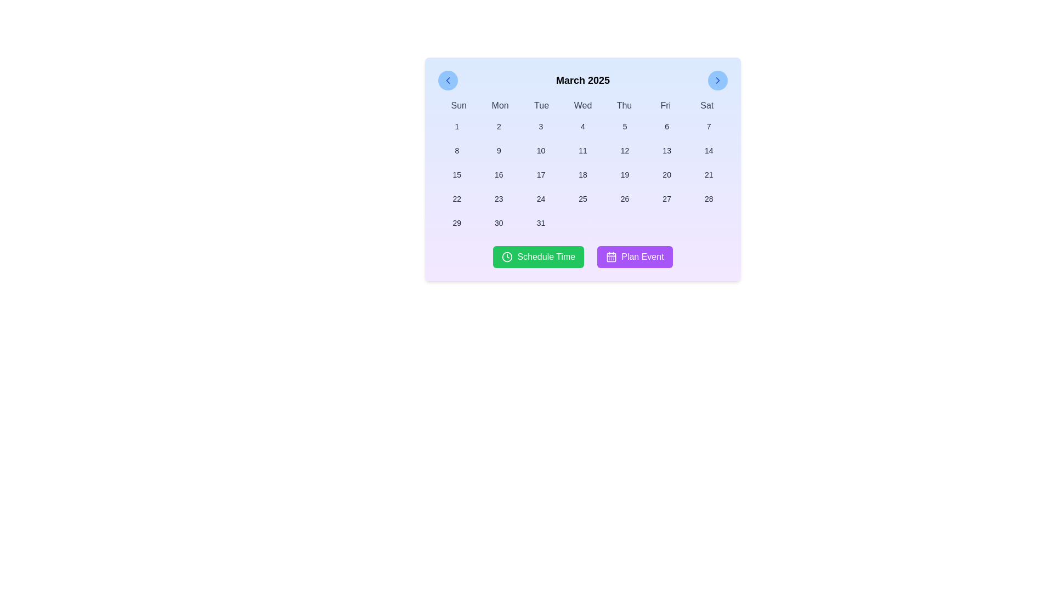  What do you see at coordinates (666, 198) in the screenshot?
I see `the interactive calendar day button displaying the number '27'` at bounding box center [666, 198].